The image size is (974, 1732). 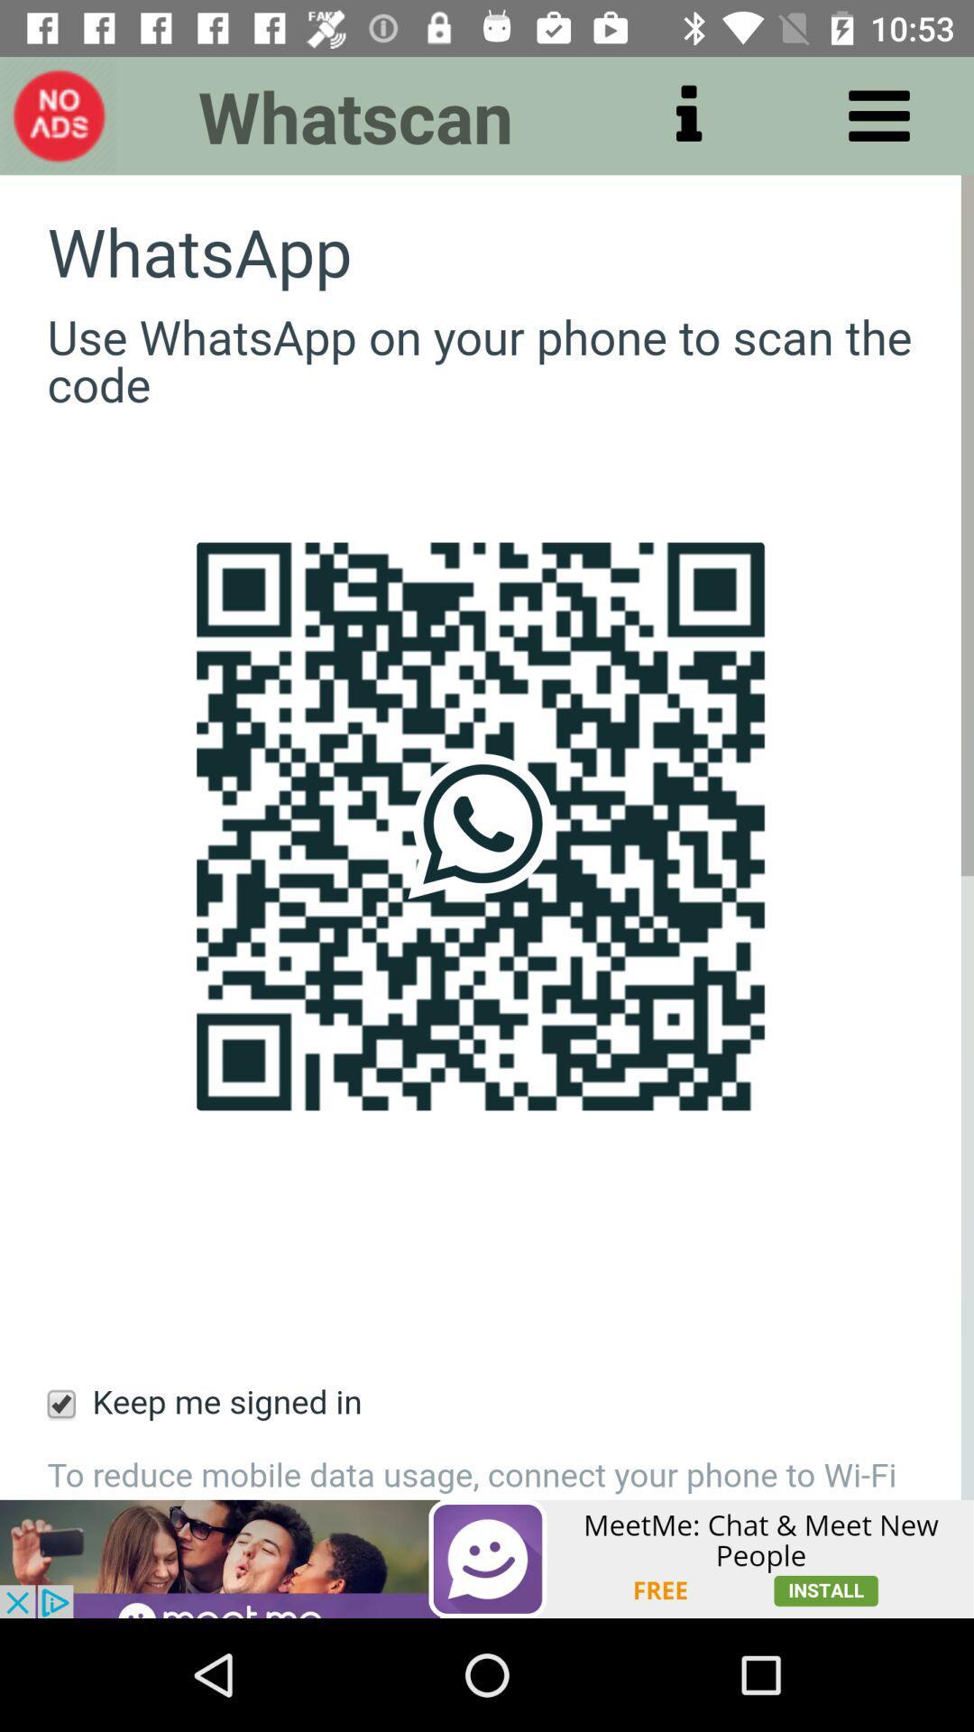 I want to click on install meetme app, so click(x=485, y=1558).